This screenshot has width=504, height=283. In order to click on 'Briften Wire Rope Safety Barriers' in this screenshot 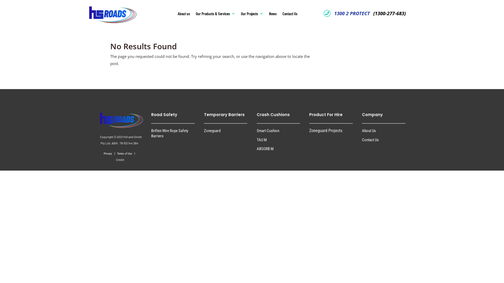, I will do `click(151, 133)`.